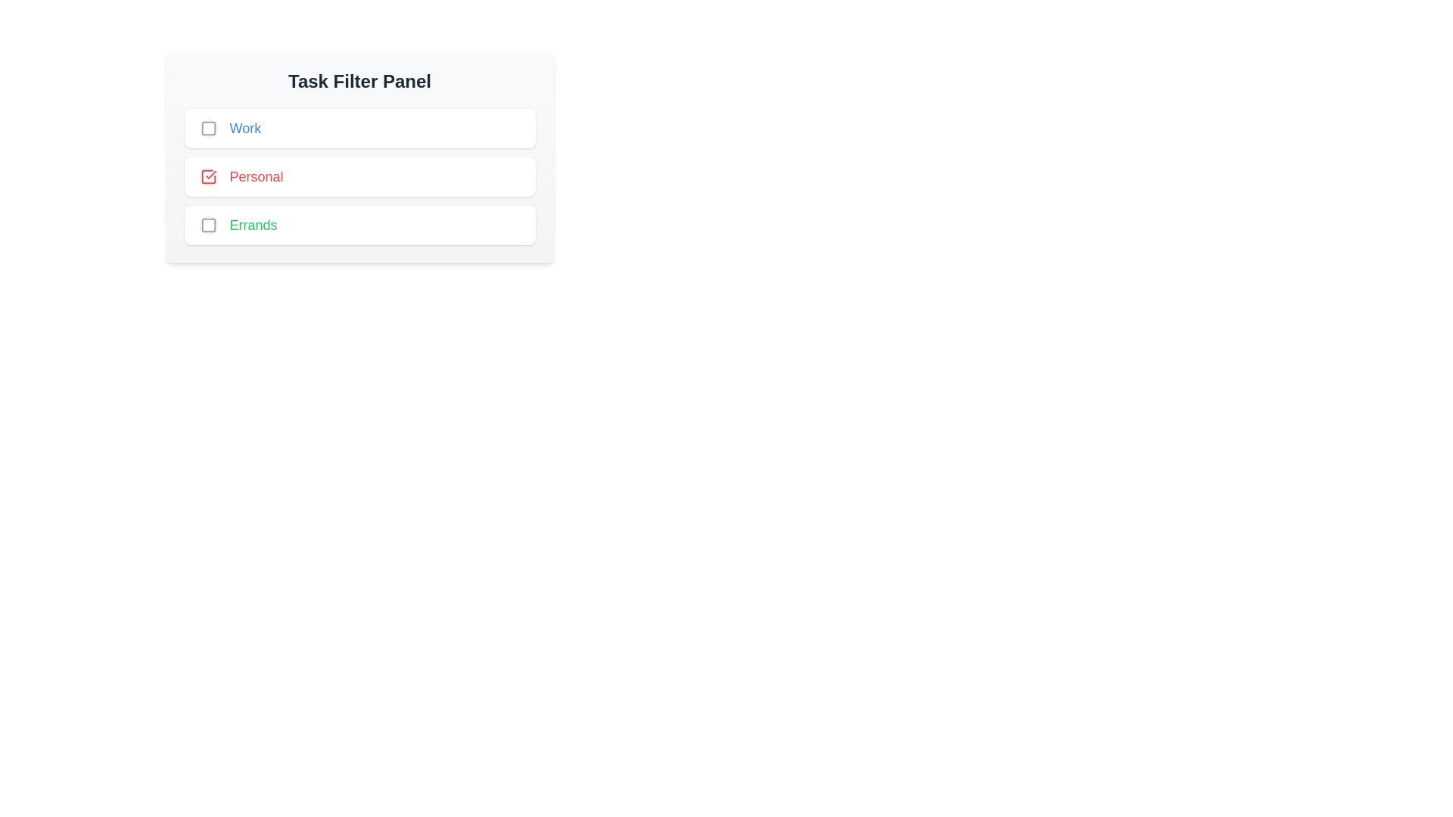 Image resolution: width=1453 pixels, height=817 pixels. What do you see at coordinates (207, 225) in the screenshot?
I see `the selection state icon, which is a small inner rectangle within a bordered square, located in the 'Errands' row` at bounding box center [207, 225].